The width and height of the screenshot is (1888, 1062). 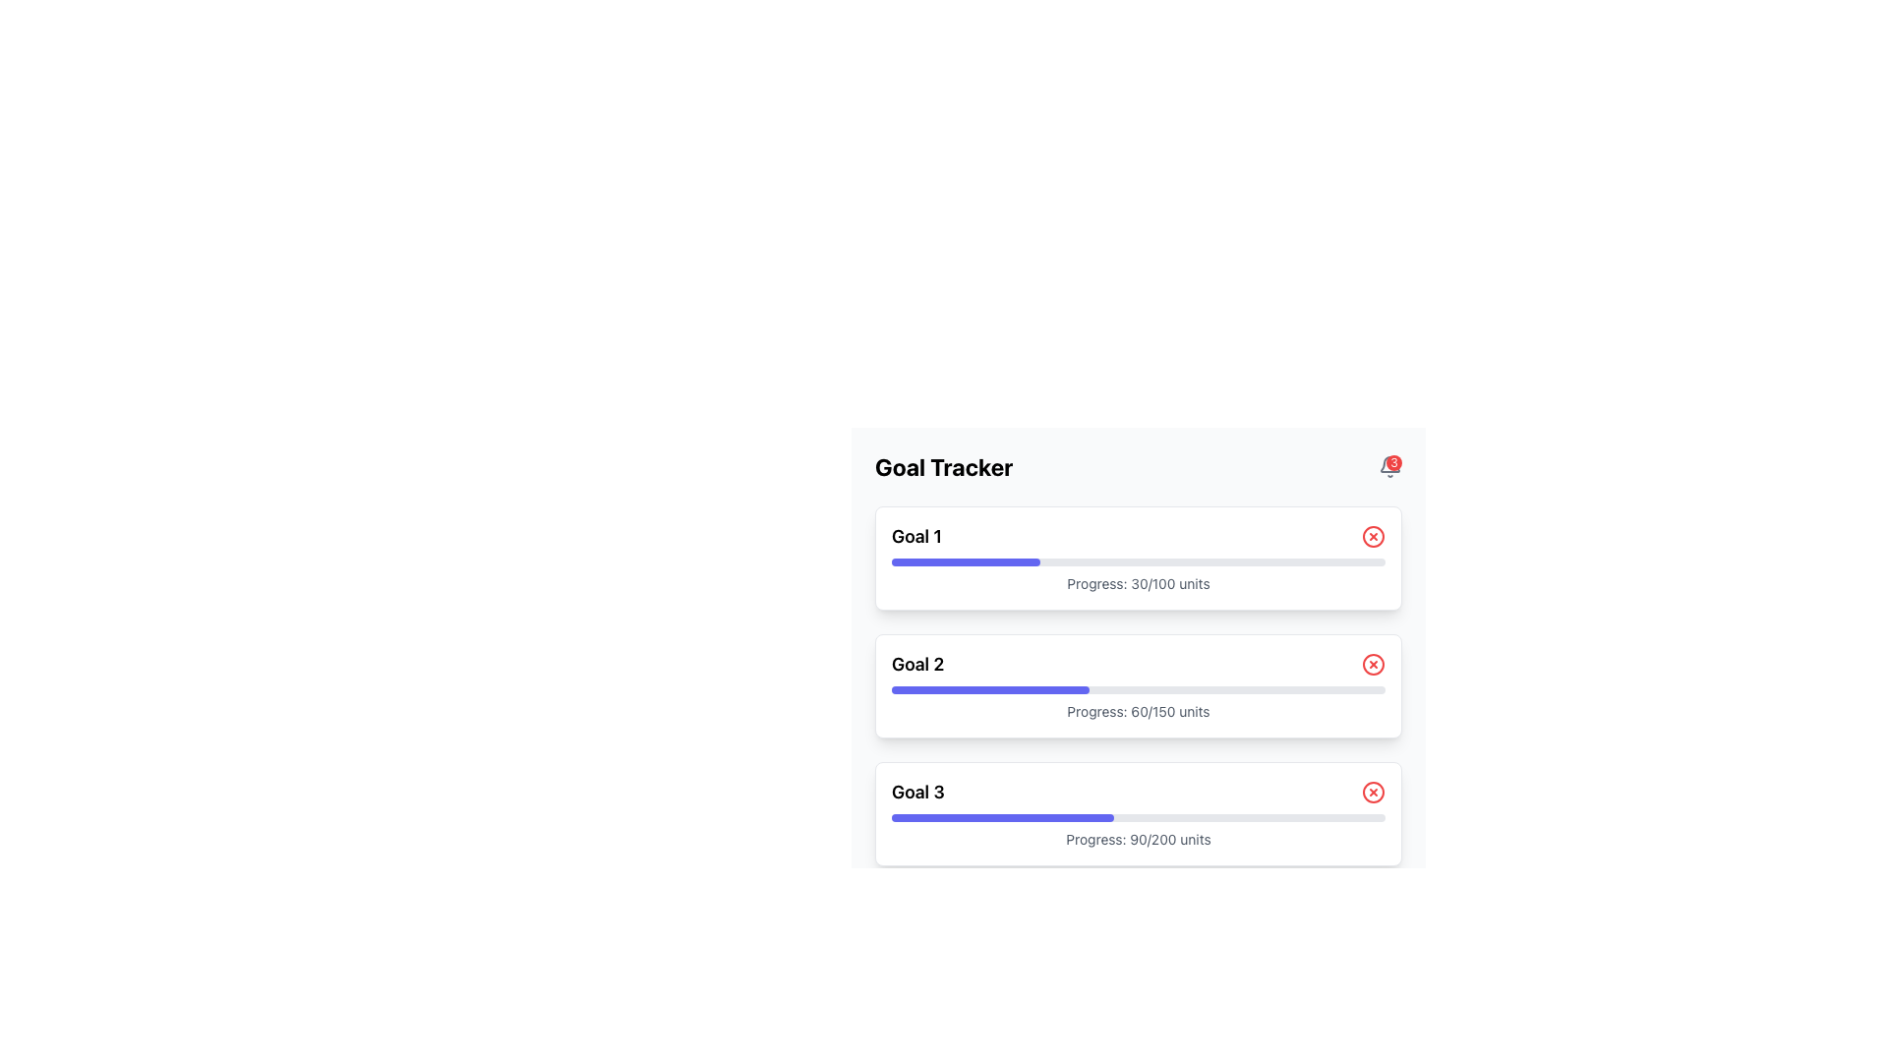 What do you see at coordinates (1002, 818) in the screenshot?
I see `progress bar element, which is indigo-colored and located within a light-gray rounded rectangle, to retrieve the percentage value of completion` at bounding box center [1002, 818].